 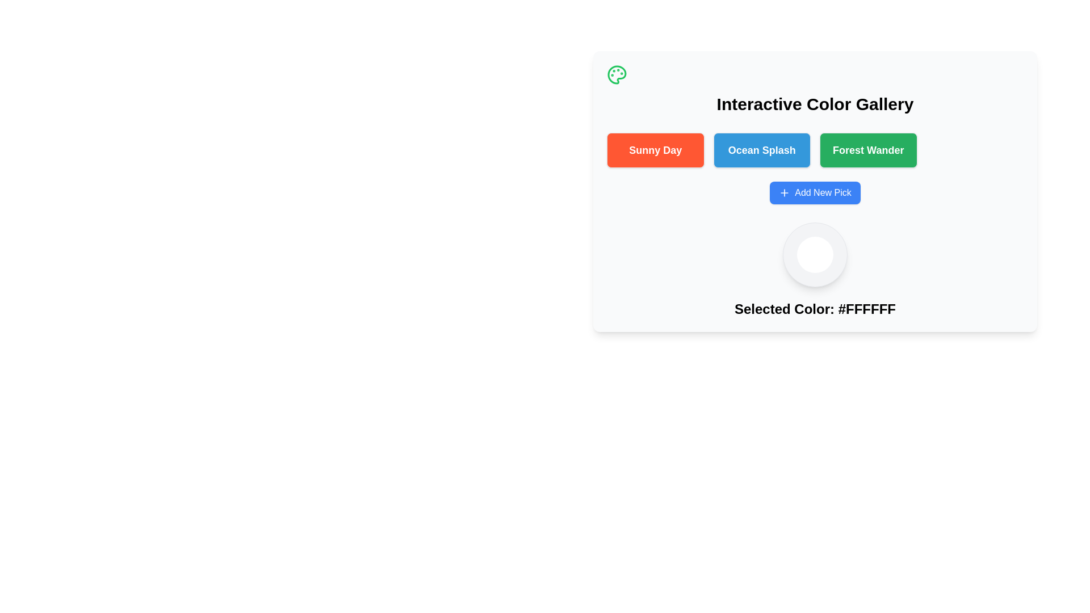 What do you see at coordinates (762, 150) in the screenshot?
I see `the text label component that says 'Ocean Splash', which is styled with a bold white font on a blue background and is centrally located between the buttons 'Sunny Day' and 'Forest Wander'` at bounding box center [762, 150].